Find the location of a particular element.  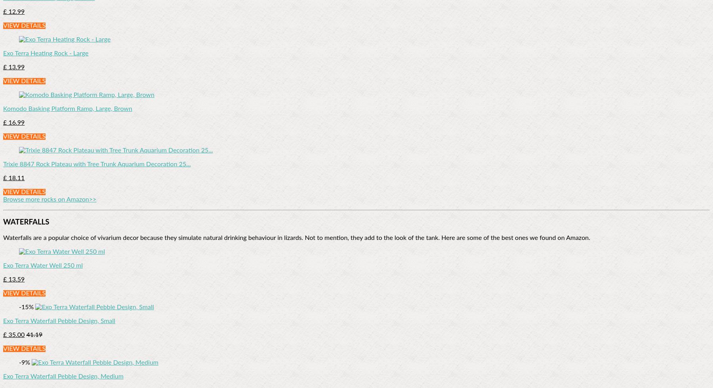

'-9%' is located at coordinates (25, 363).